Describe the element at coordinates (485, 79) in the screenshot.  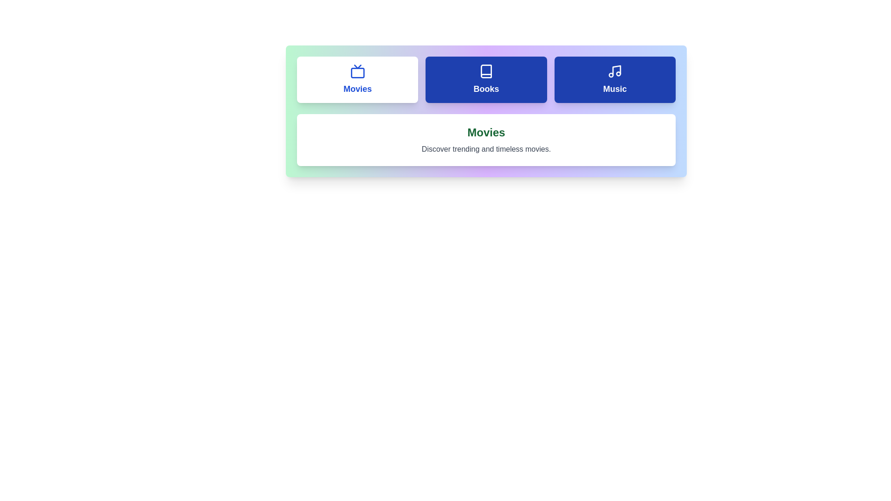
I see `the highlighted 'Books' button, which is the second button in a horizontally arranged set of buttons labeled 'Movies', 'Books', and 'Music'` at that location.